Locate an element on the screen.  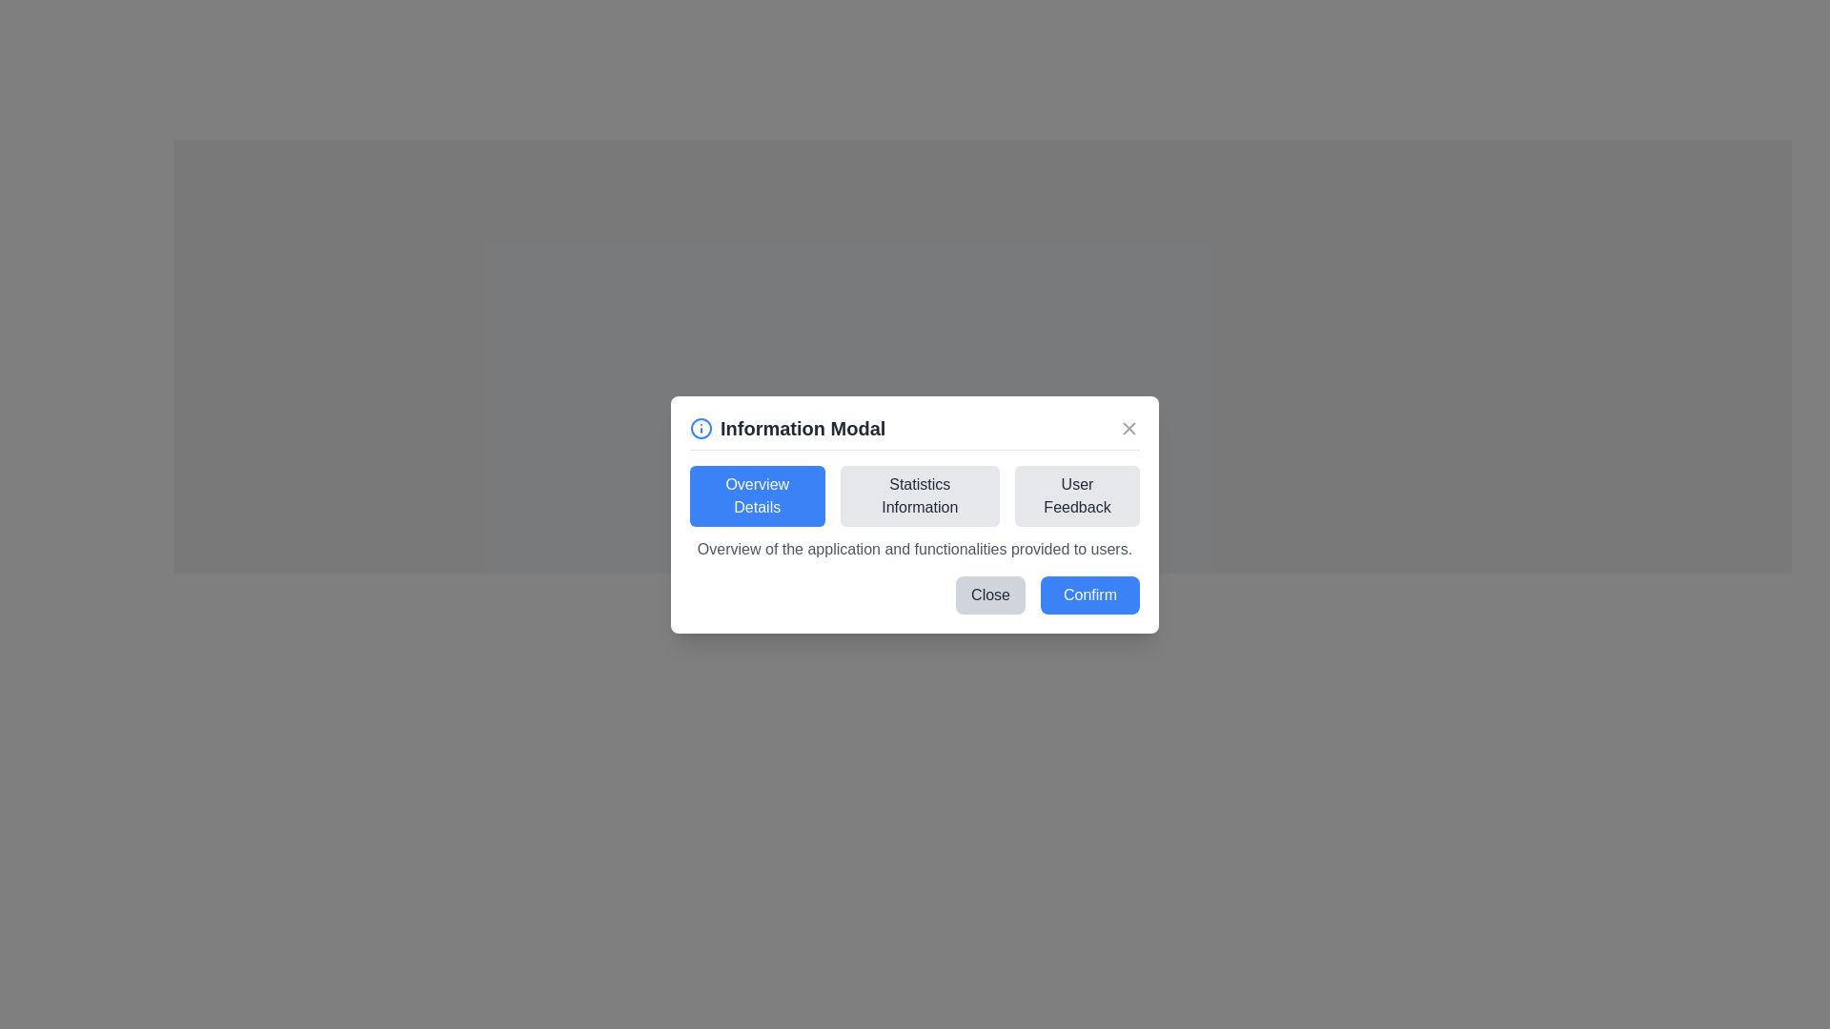
the static text element that provides an overview of the application functionalities, located beneath the navigational buttons in the modal window is located at coordinates (915, 511).